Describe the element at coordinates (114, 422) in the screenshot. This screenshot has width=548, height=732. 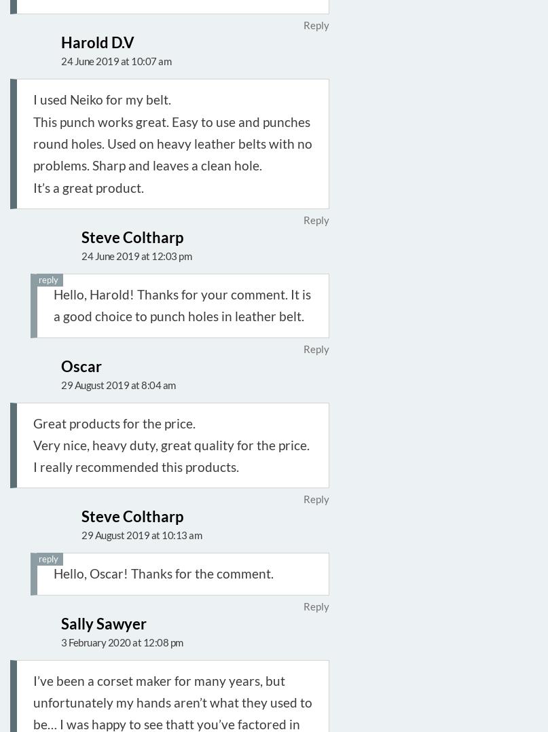
I see `'Great products for the price.'` at that location.